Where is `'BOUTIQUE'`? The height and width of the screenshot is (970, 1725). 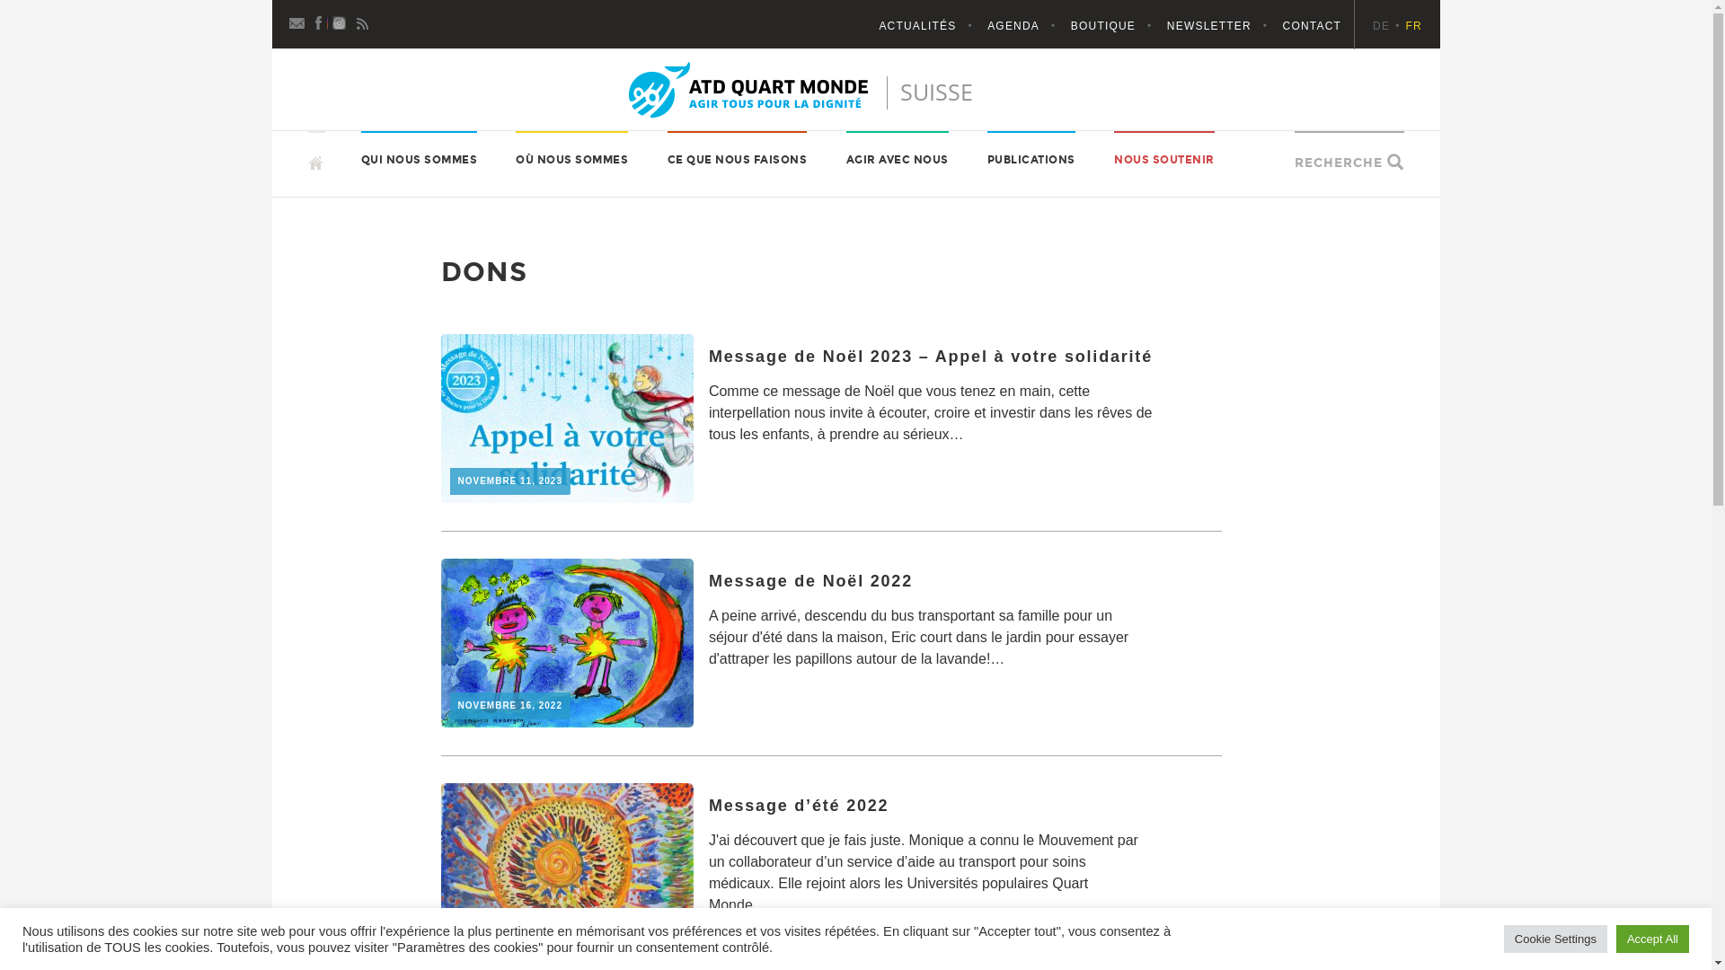 'BOUTIQUE' is located at coordinates (1116, 26).